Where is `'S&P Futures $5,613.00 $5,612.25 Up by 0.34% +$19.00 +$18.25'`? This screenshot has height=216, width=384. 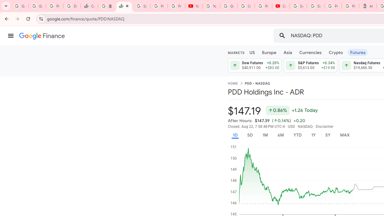 'S&P Futures $5,613.00 $5,612.25 Up by 0.34% +$19.00 +$18.25' is located at coordinates (310, 65).